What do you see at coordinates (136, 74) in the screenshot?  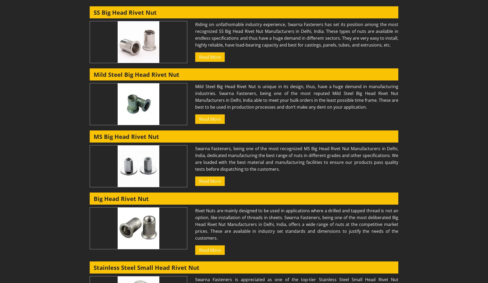 I see `'Mild Steel Big Head Rivet Nut'` at bounding box center [136, 74].